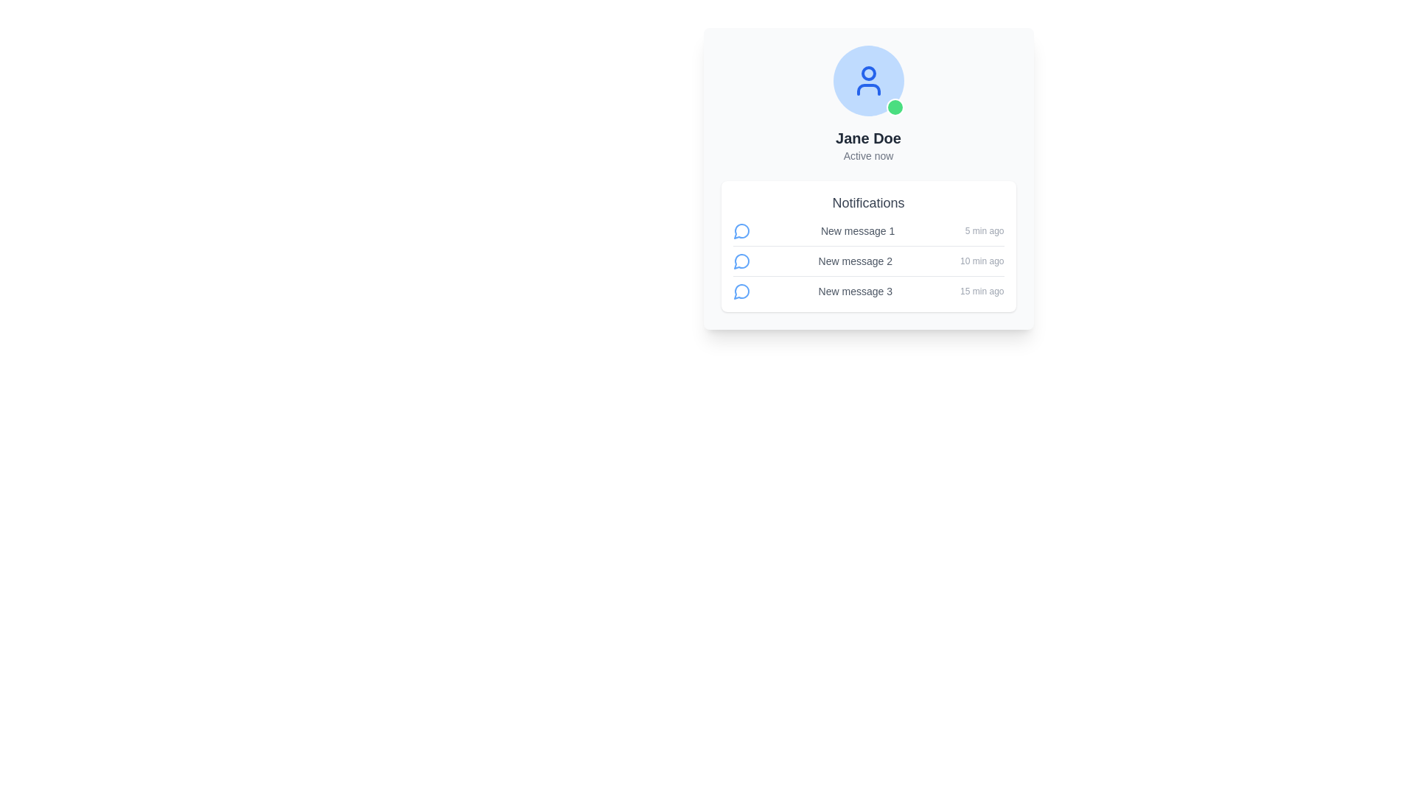 This screenshot has height=795, width=1415. What do you see at coordinates (858, 230) in the screenshot?
I see `the text label displaying 'New message 1', which is positioned as the main text label within the first notification item of a list` at bounding box center [858, 230].